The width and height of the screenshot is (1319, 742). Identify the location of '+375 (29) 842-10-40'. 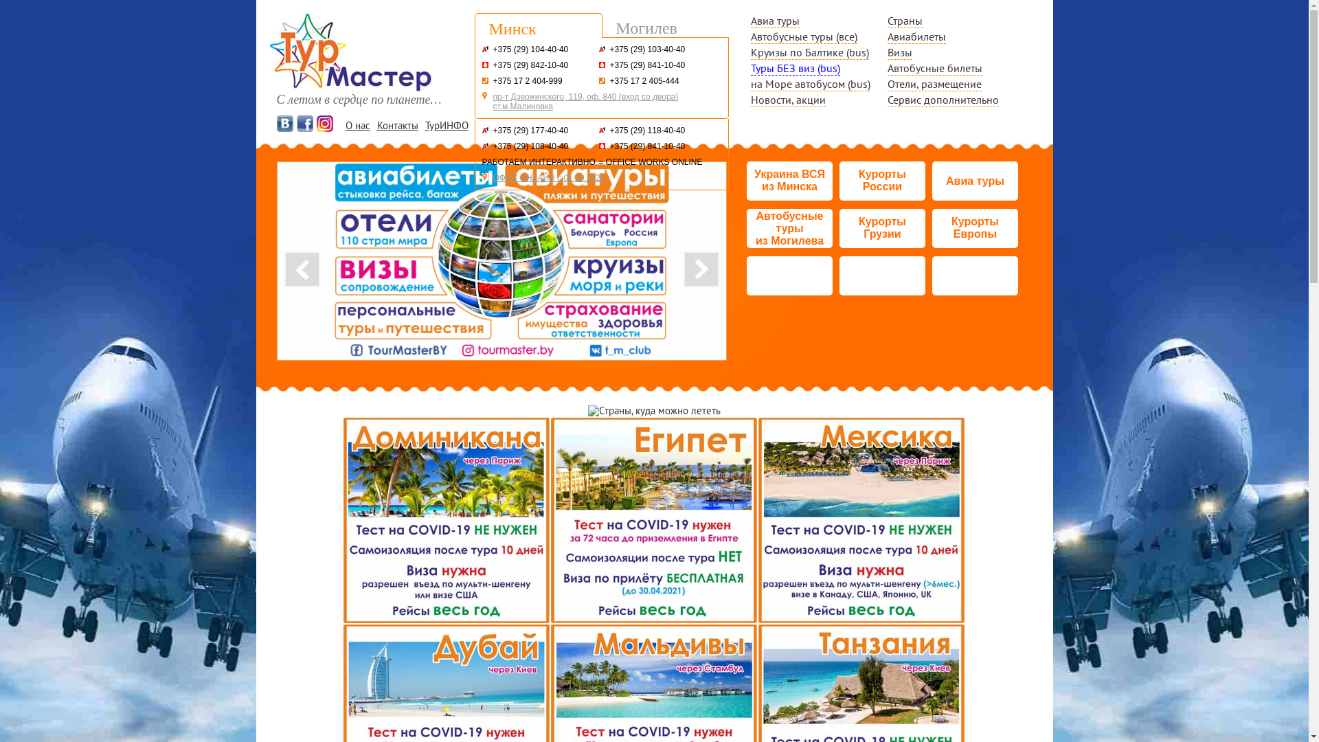
(493, 65).